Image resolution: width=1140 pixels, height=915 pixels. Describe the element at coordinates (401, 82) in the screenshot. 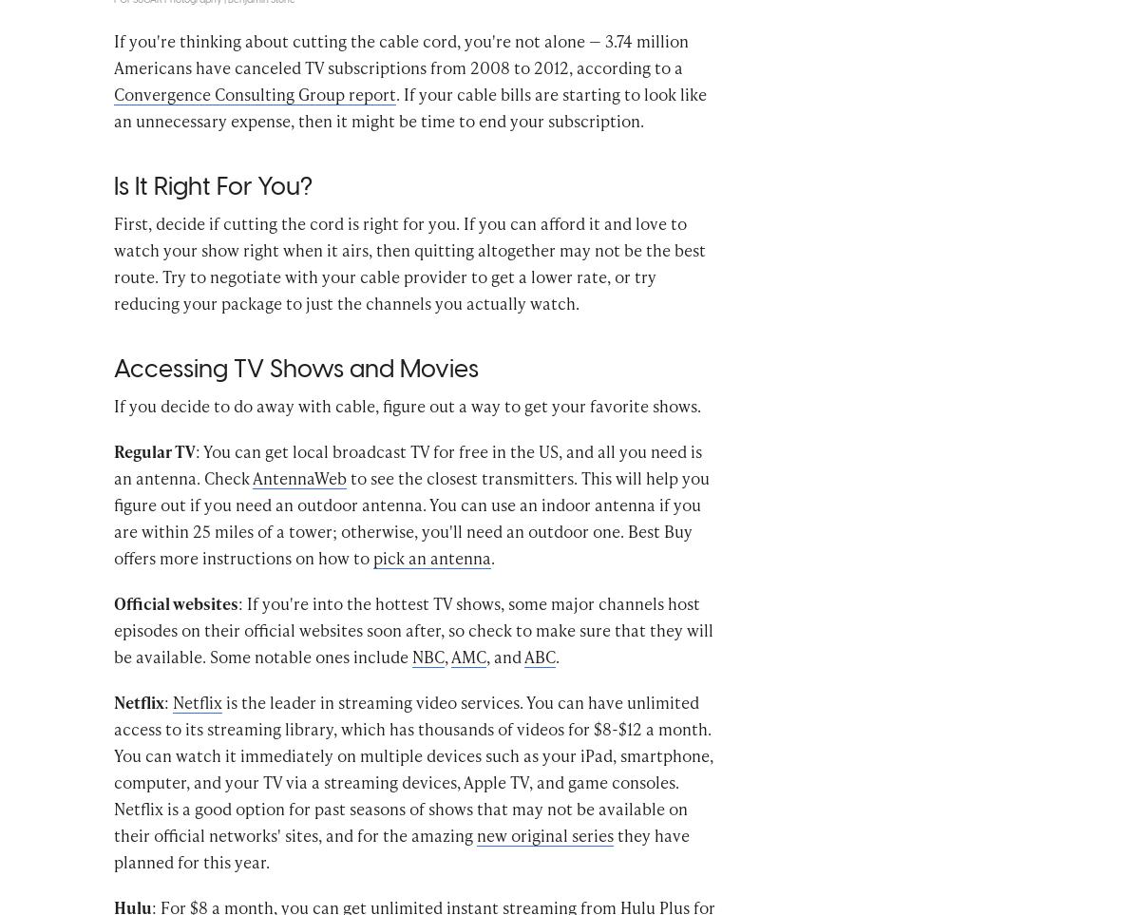

I see `'If you're thinking about cutting the cable cord, you're not alone — 3.74 million Americans have canceled TV subscriptions from 2008 to 2012, according to a'` at that location.